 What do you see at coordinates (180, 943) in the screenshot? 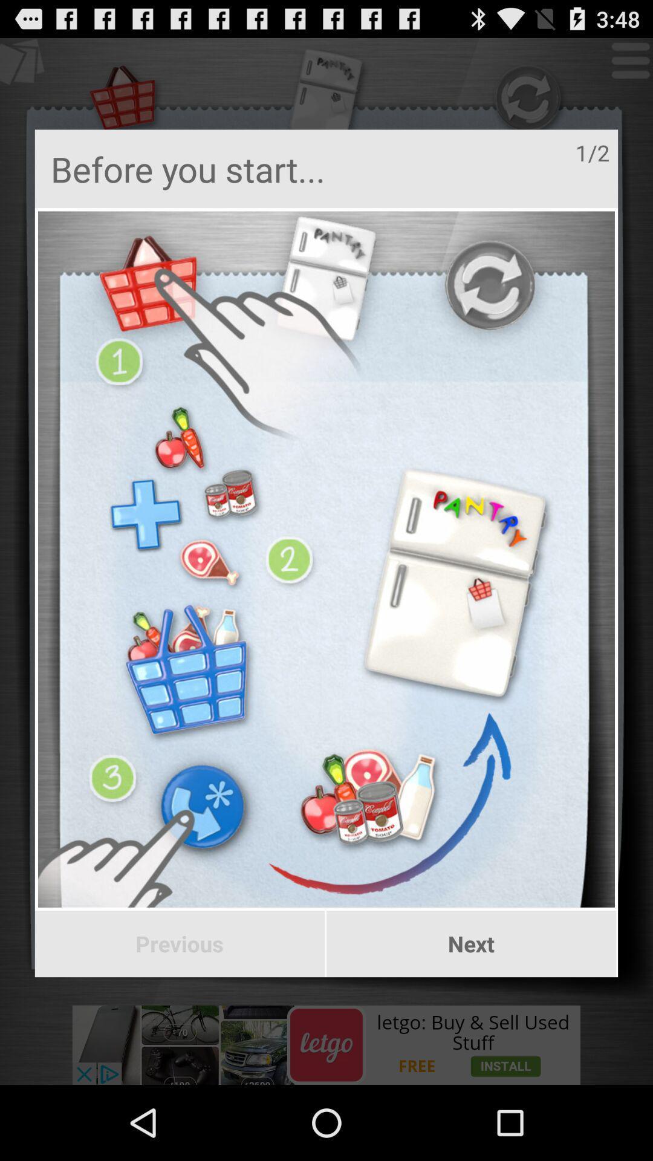
I see `item at the bottom left corner` at bounding box center [180, 943].